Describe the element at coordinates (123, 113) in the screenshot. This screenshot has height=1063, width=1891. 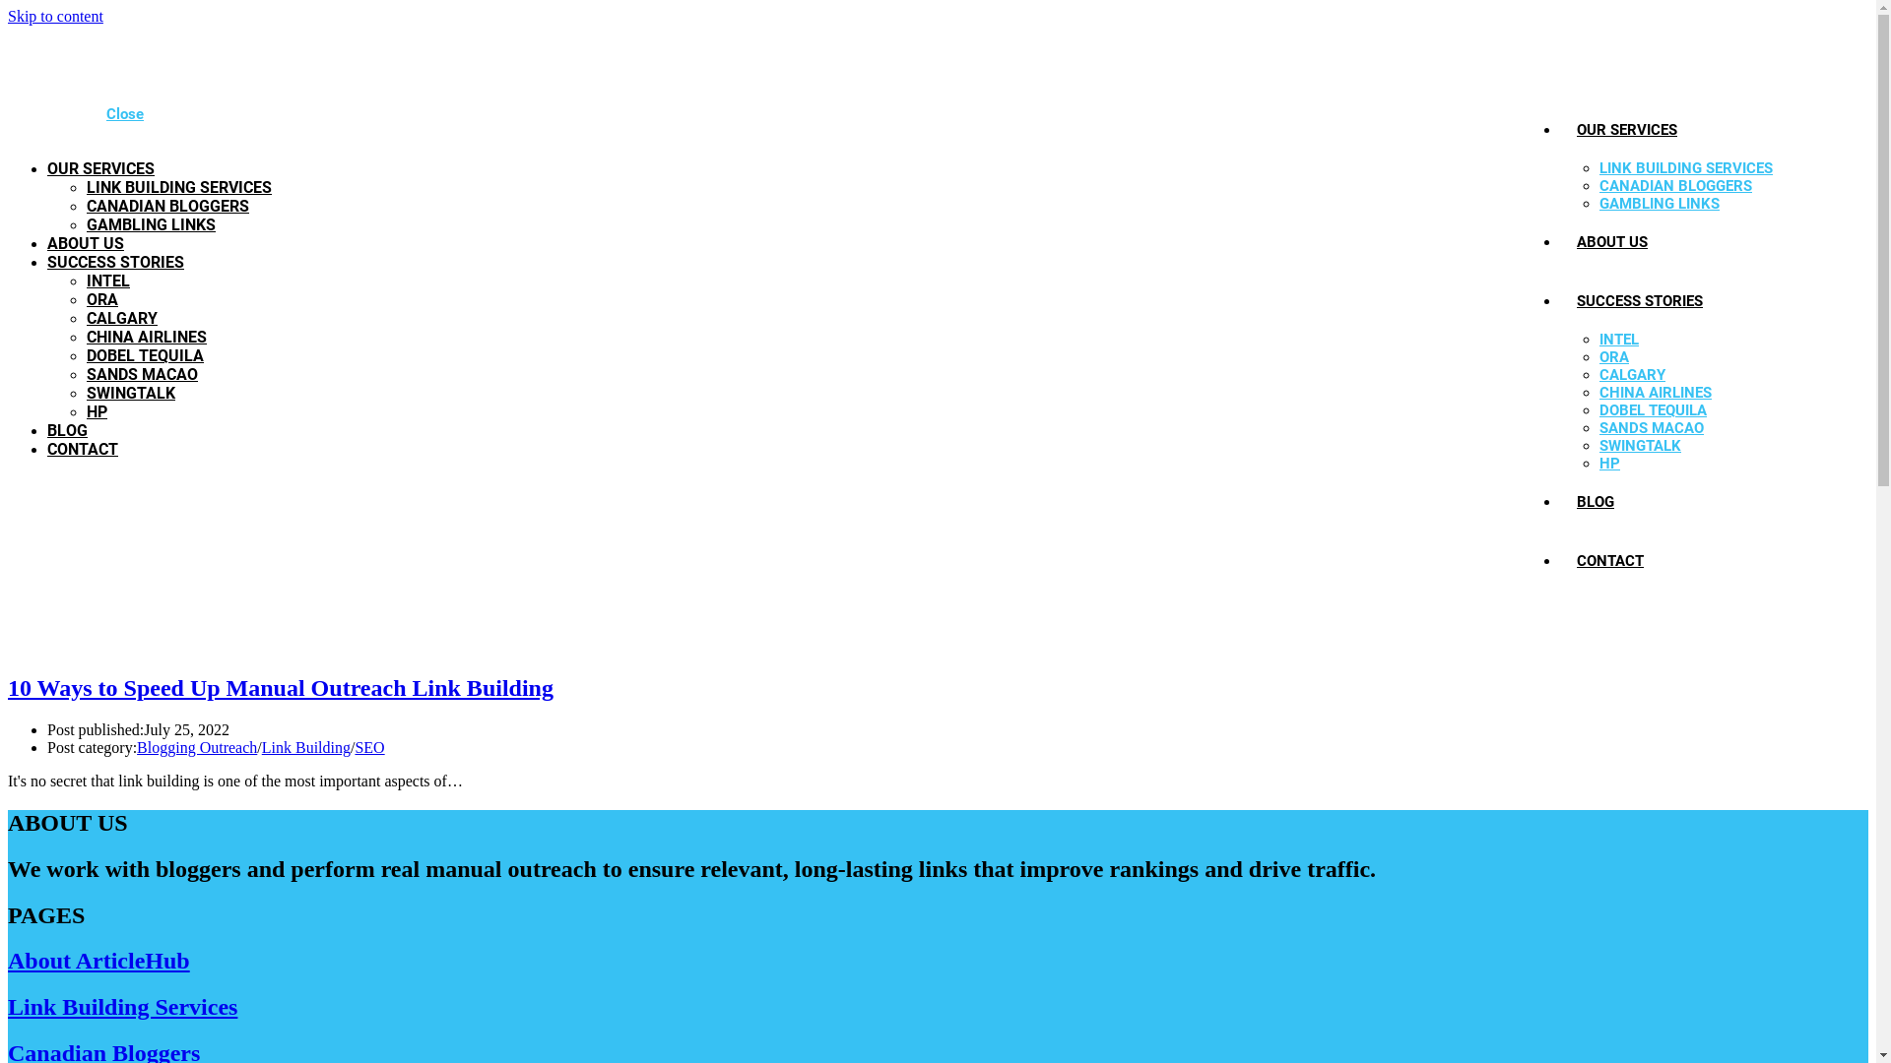
I see `'Close'` at that location.